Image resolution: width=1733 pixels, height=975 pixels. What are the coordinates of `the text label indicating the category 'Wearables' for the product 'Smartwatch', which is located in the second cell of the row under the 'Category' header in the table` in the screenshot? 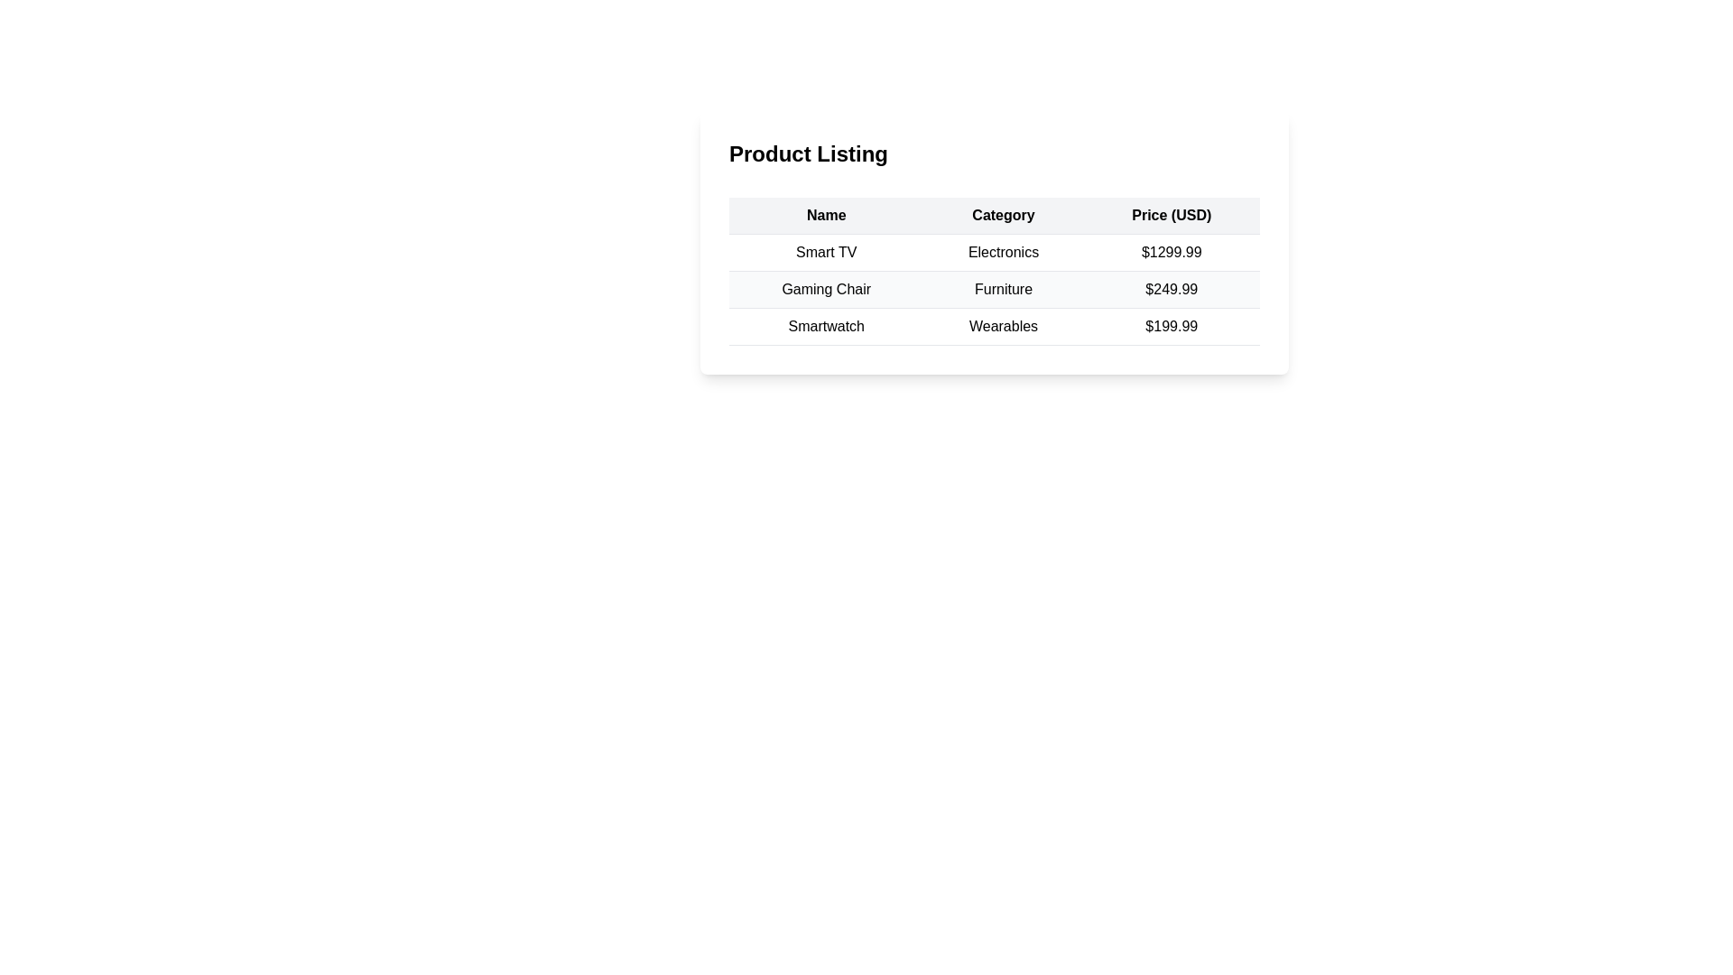 It's located at (1003, 327).